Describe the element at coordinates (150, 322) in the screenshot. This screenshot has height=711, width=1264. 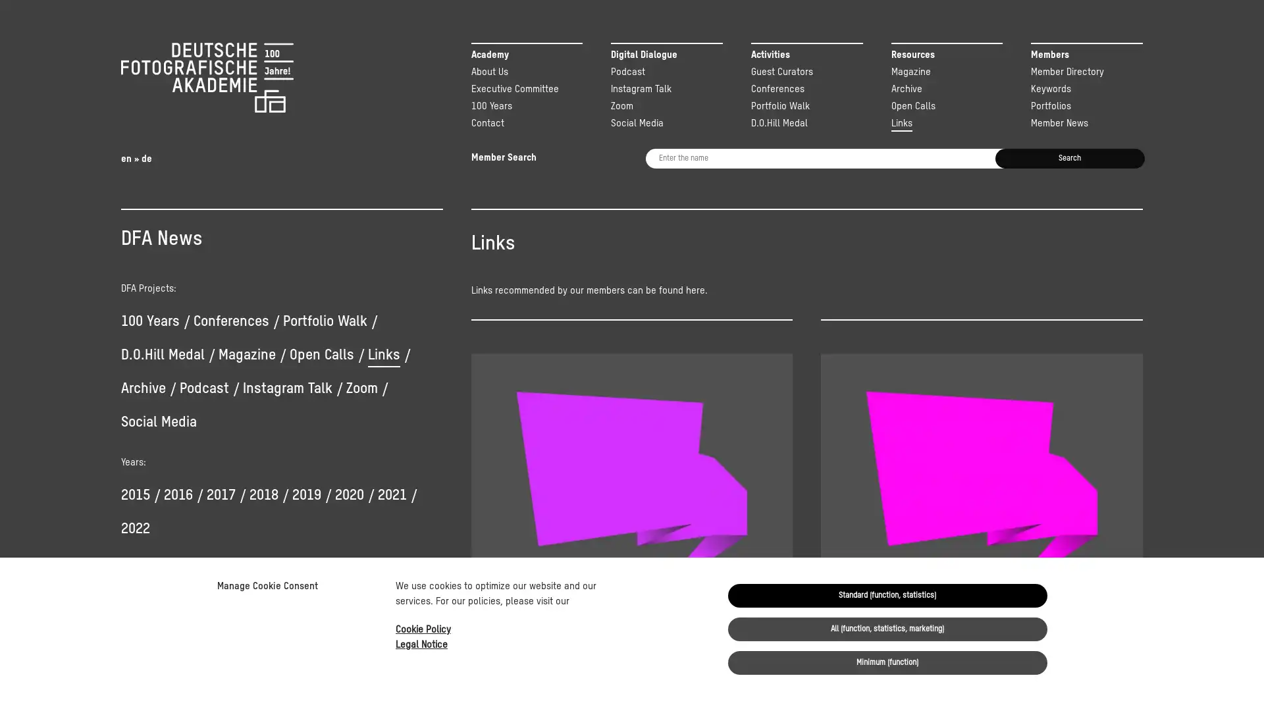
I see `100 Years` at that location.